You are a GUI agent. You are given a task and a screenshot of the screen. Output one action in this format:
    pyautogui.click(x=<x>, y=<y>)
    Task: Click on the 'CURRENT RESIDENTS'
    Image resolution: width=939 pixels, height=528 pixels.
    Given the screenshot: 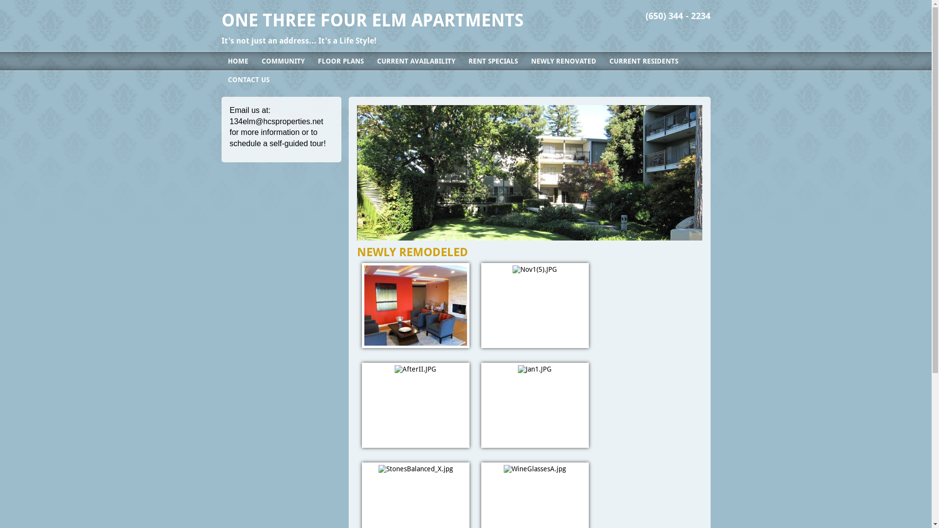 What is the action you would take?
    pyautogui.click(x=643, y=61)
    